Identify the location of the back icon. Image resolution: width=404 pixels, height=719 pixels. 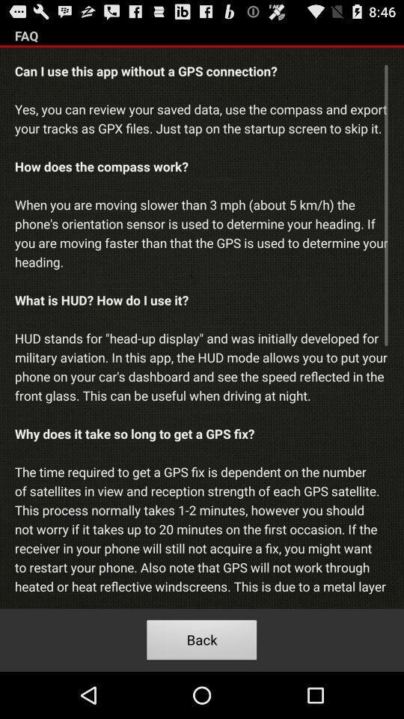
(202, 641).